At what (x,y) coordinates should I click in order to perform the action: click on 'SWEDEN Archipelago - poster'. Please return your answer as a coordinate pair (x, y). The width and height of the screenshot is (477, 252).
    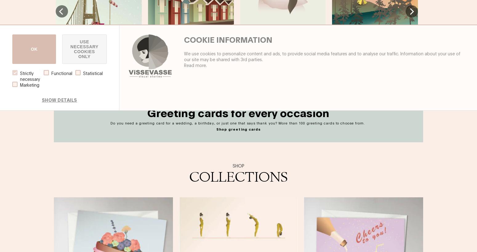
    Looking at the image, I should click on (147, 65).